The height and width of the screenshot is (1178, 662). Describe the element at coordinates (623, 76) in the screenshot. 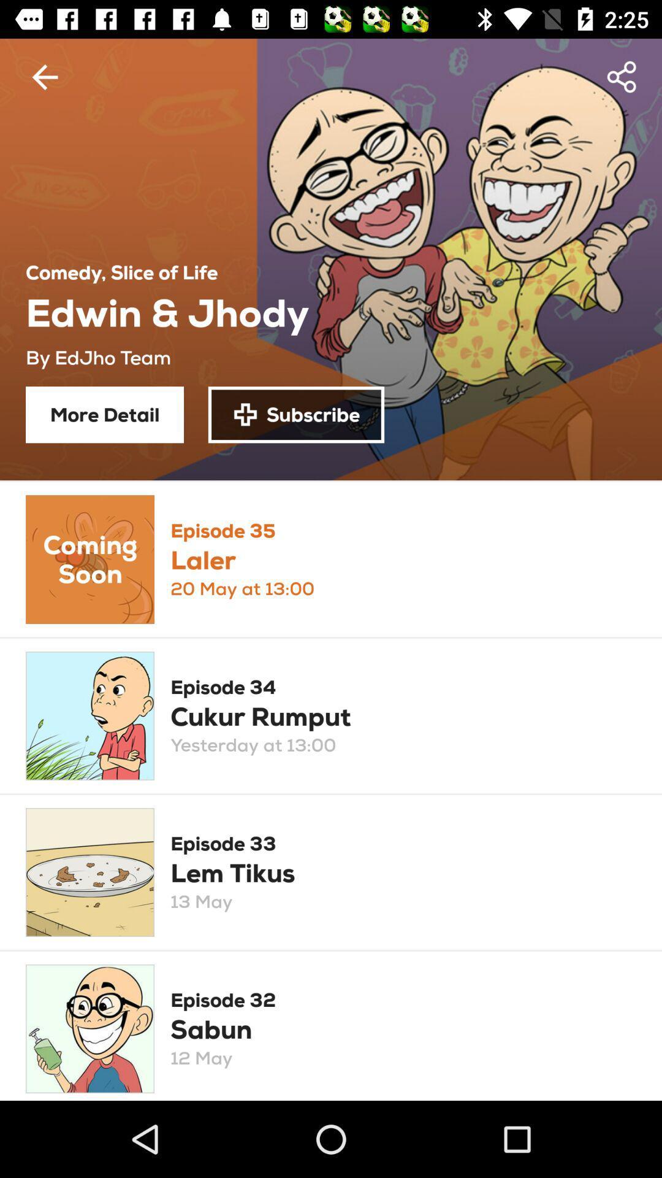

I see `item at the top right corner` at that location.